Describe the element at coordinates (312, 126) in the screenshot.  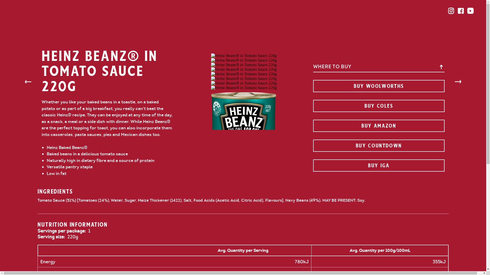
I see `'Buy Amazon'` at that location.